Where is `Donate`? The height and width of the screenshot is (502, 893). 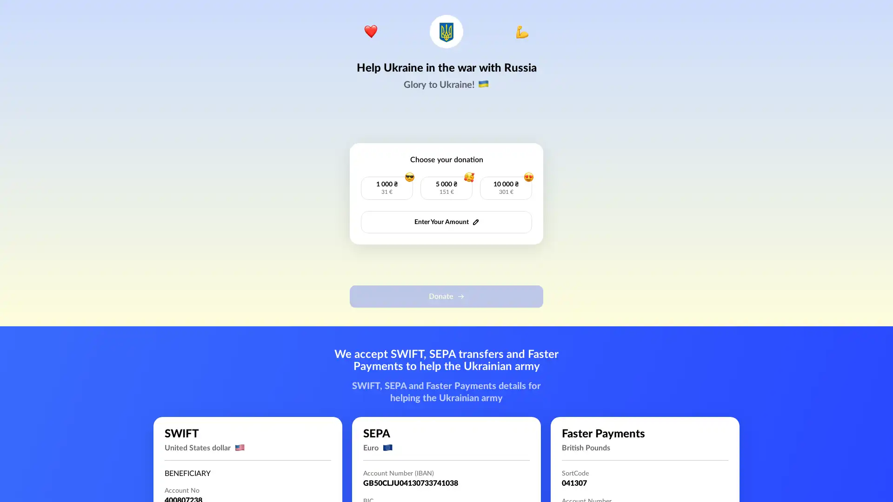
Donate is located at coordinates (446, 296).